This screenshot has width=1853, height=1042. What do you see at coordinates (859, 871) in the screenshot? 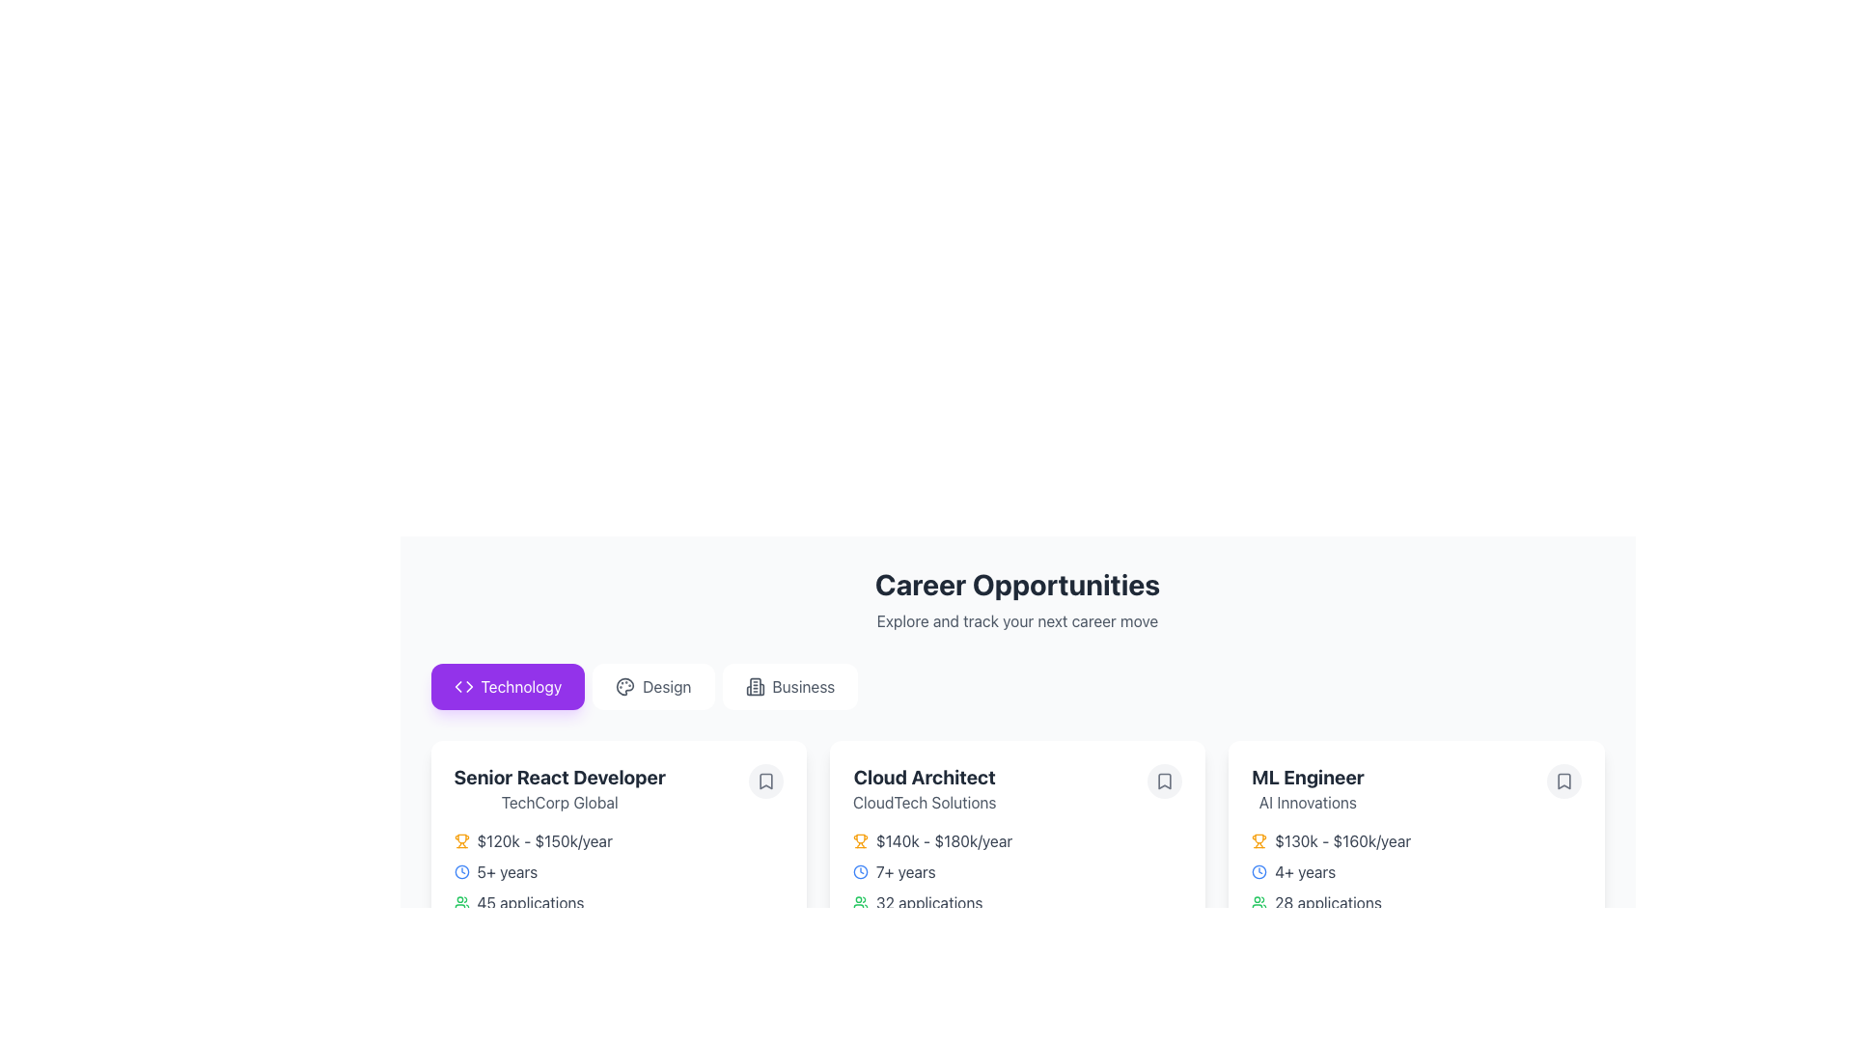
I see `the circular element within the clock icon located under the title 'Cloud Architect' in the Career Opportunities section` at bounding box center [859, 871].